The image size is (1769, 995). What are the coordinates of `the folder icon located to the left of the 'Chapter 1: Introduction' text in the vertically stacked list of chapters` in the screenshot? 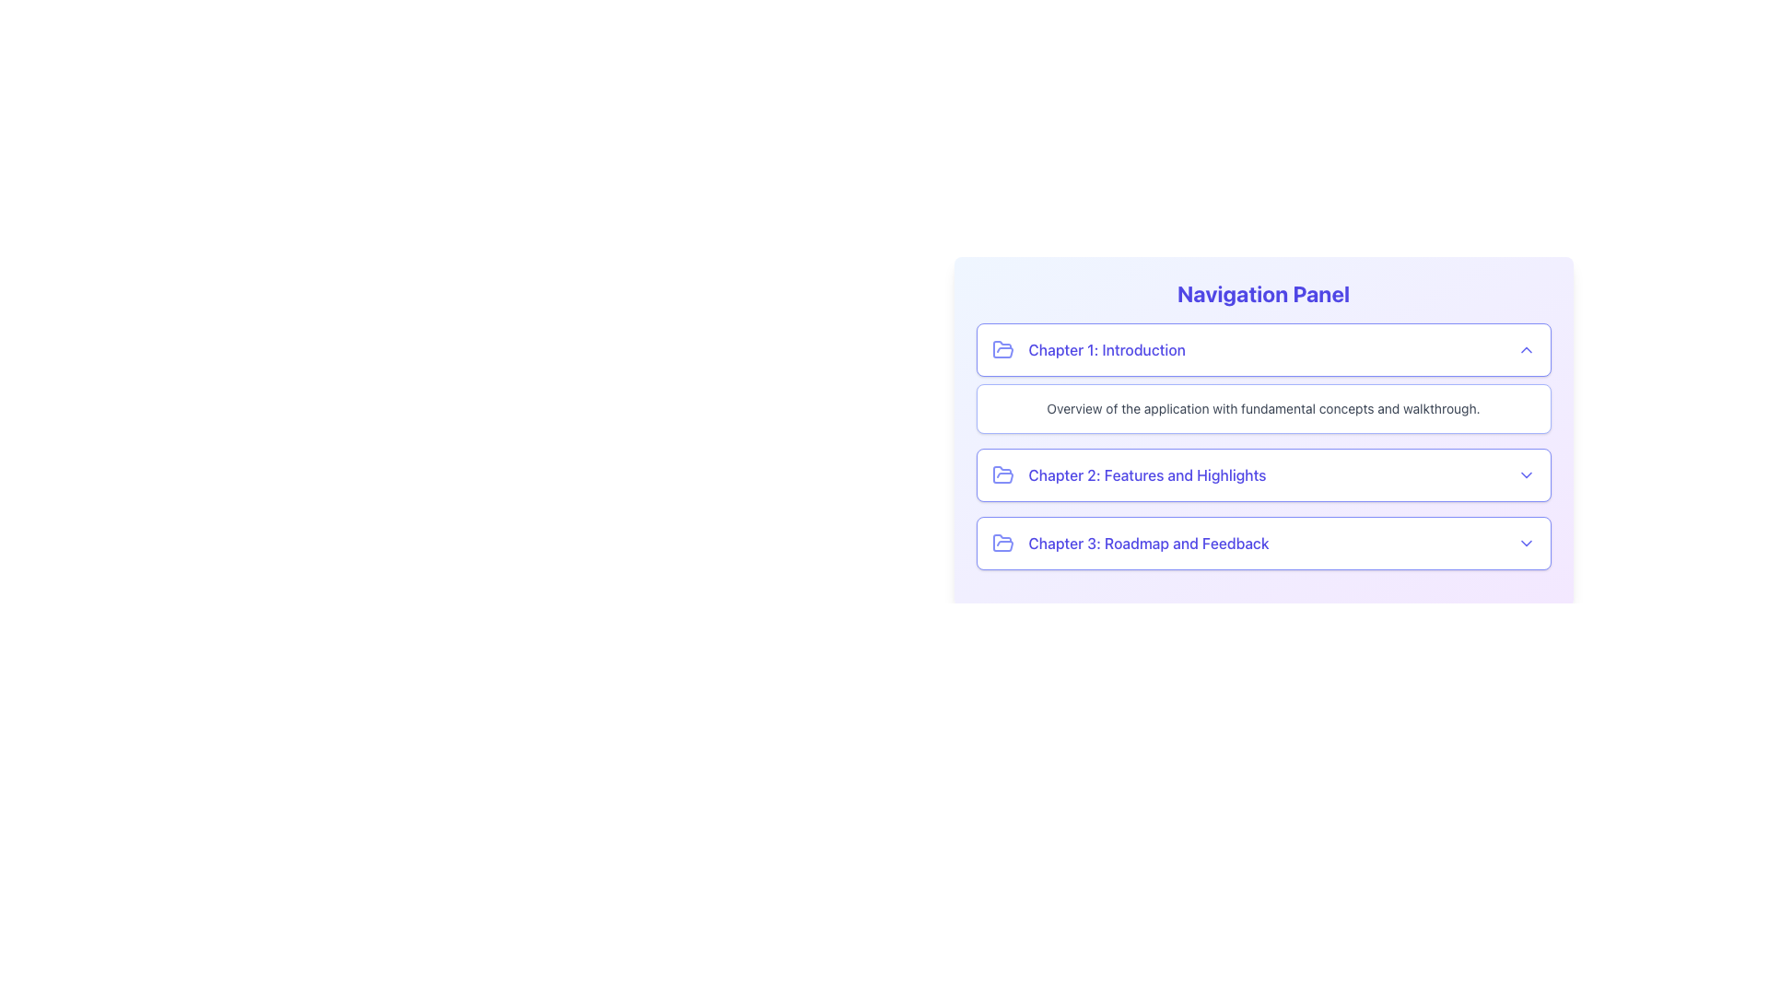 It's located at (1002, 350).